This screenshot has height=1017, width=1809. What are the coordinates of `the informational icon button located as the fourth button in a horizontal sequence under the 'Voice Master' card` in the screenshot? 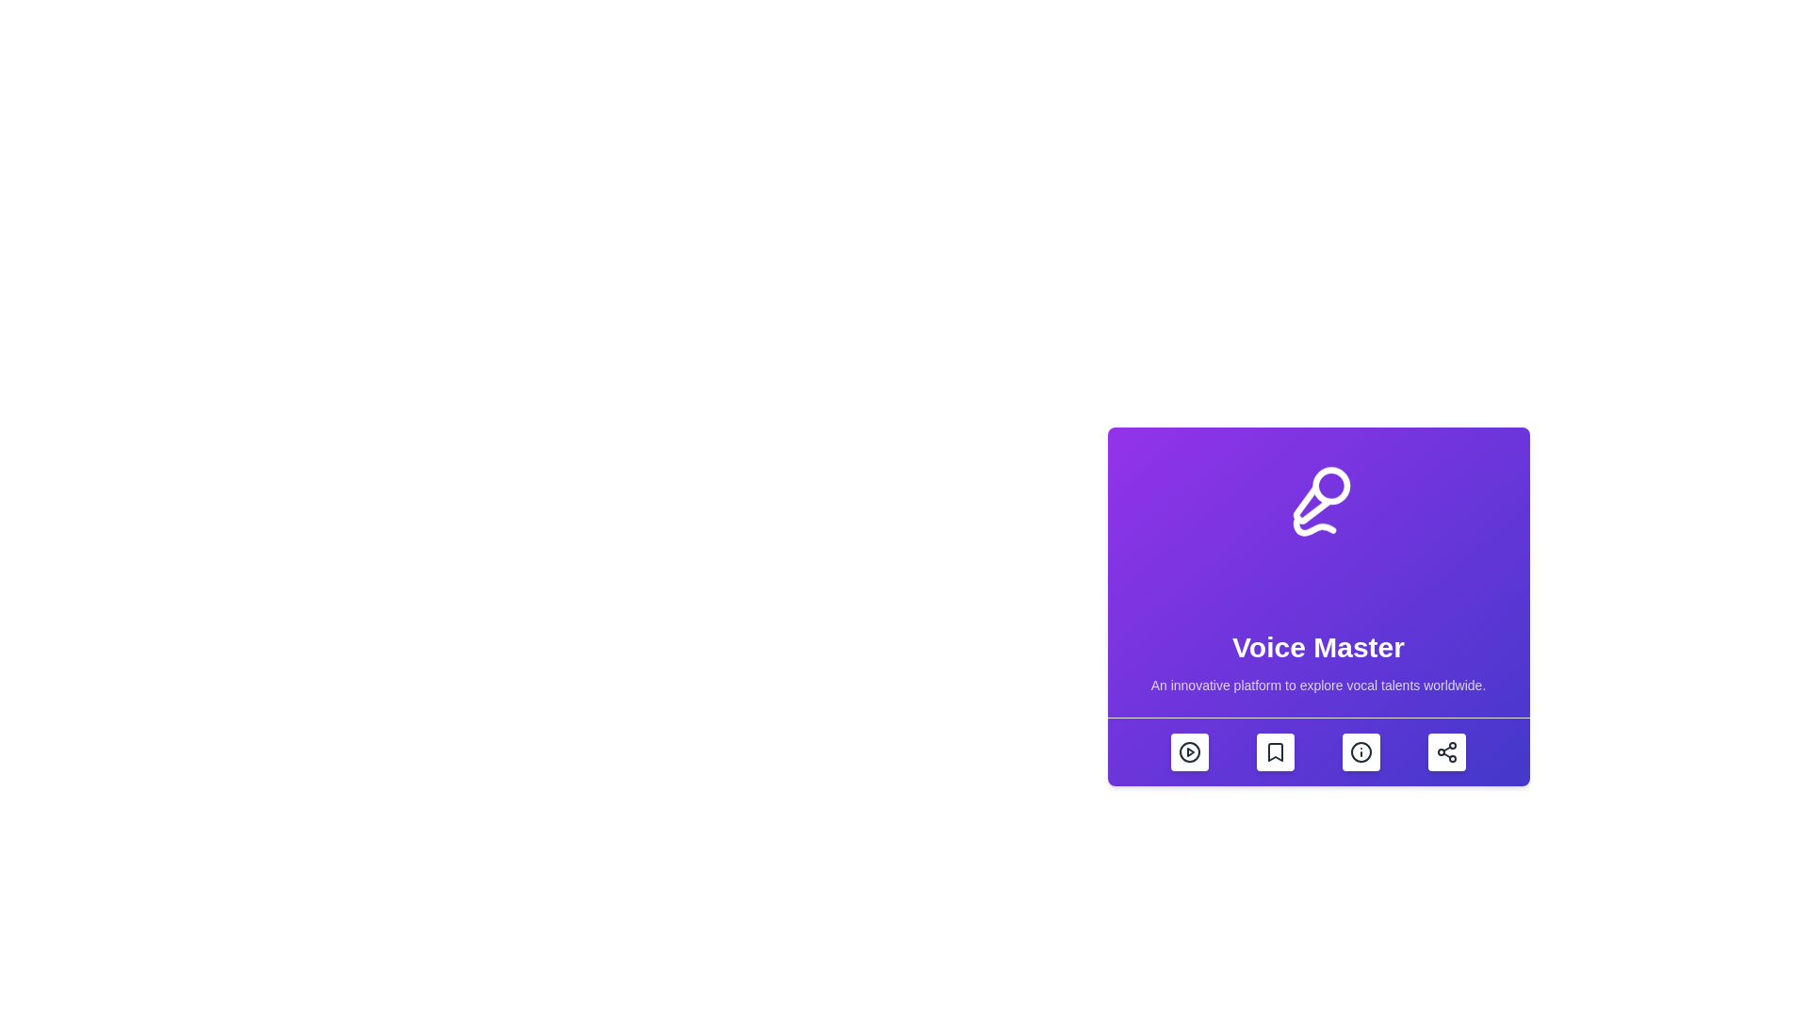 It's located at (1361, 751).